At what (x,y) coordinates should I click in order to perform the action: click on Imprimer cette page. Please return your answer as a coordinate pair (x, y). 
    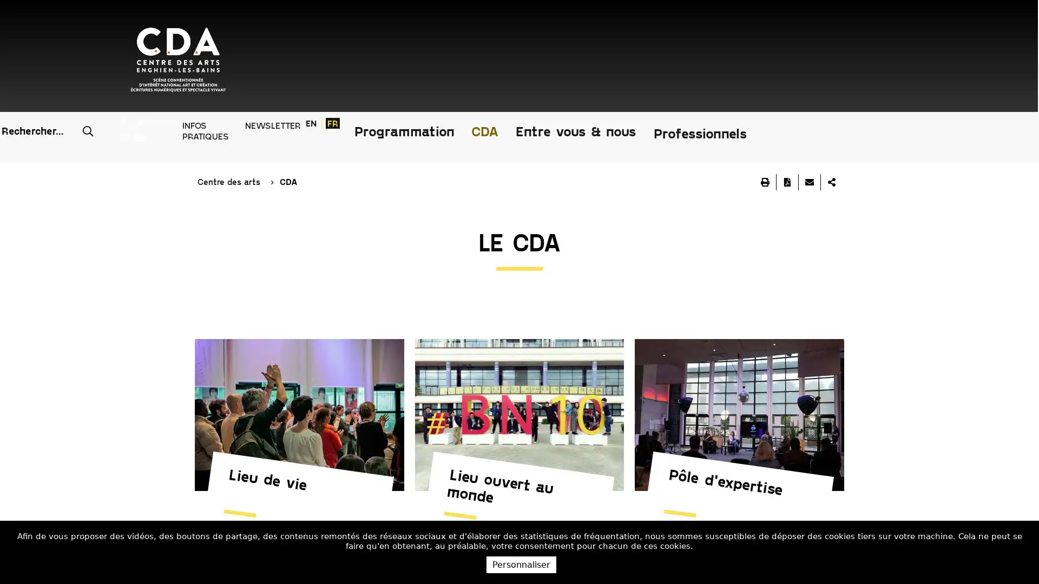
    Looking at the image, I should click on (765, 106).